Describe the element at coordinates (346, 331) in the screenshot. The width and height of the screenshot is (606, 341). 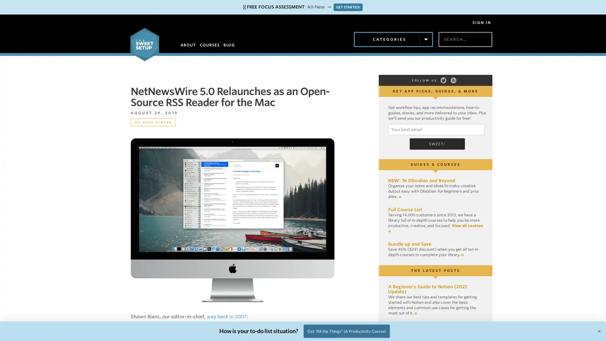
I see `Get "All the Things" (A Productivity Course)` at that location.